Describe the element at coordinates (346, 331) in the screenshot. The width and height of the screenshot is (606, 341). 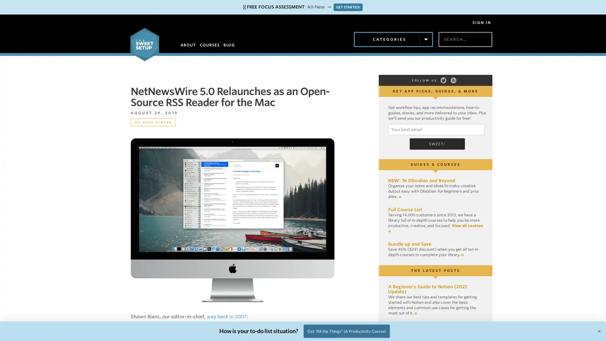
I see `Get "All the Things" (A Productivity Course)` at that location.